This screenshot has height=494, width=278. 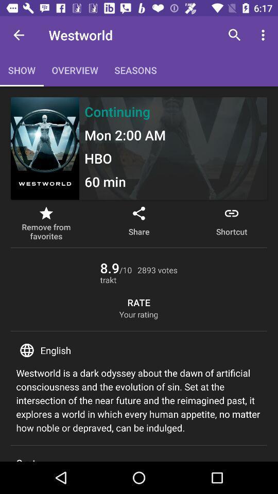 What do you see at coordinates (234, 35) in the screenshot?
I see `item to the right of seasons` at bounding box center [234, 35].